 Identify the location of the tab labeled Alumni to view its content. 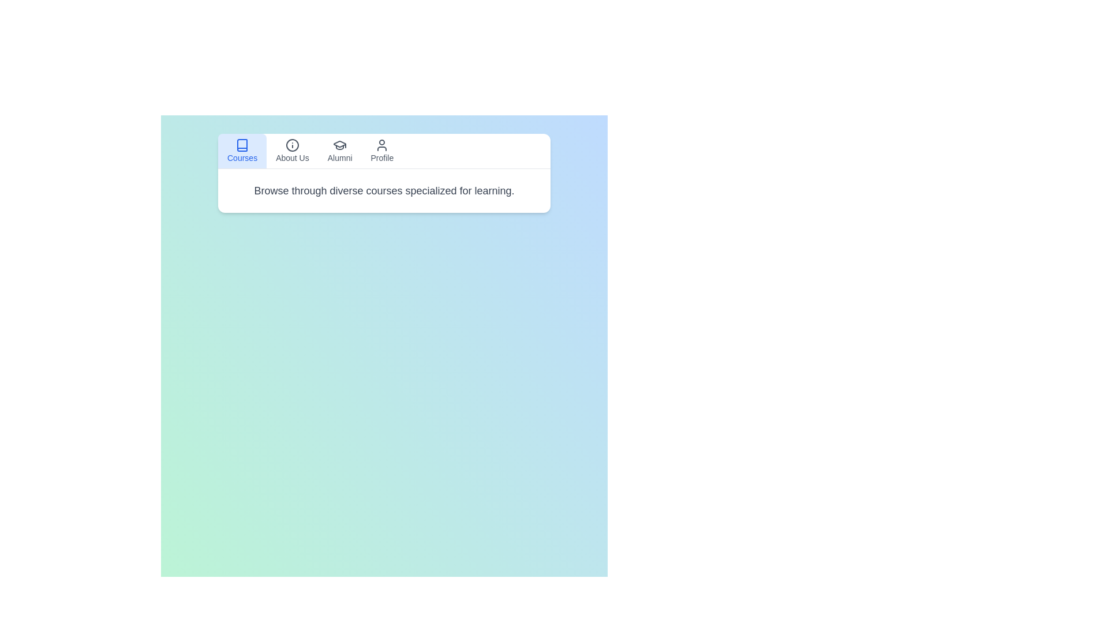
(339, 151).